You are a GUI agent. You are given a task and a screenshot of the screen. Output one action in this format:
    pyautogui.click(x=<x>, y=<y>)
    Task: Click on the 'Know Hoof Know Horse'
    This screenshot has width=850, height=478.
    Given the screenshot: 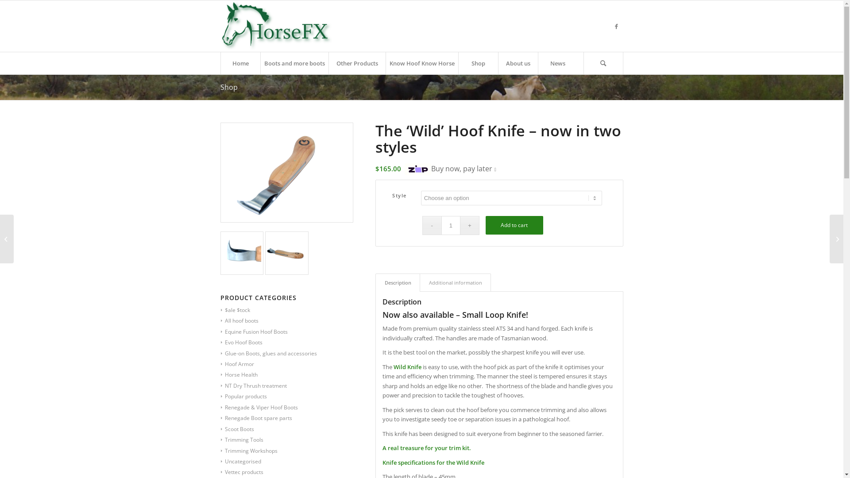 What is the action you would take?
    pyautogui.click(x=385, y=62)
    